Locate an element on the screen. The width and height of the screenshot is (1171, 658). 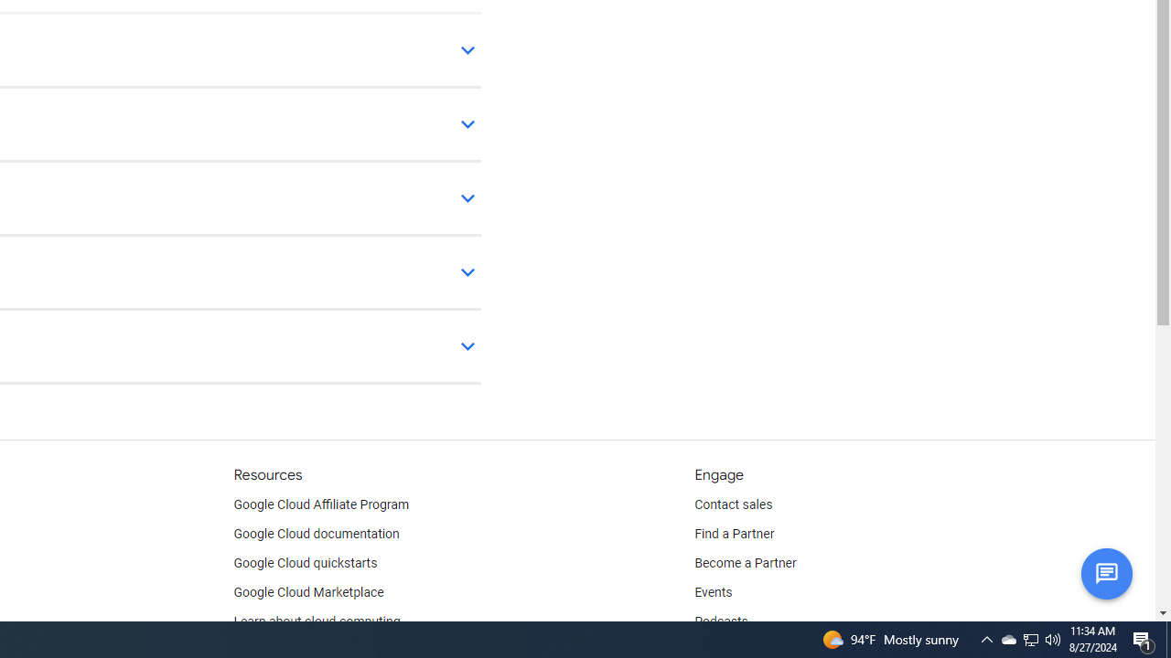
'Events' is located at coordinates (713, 593).